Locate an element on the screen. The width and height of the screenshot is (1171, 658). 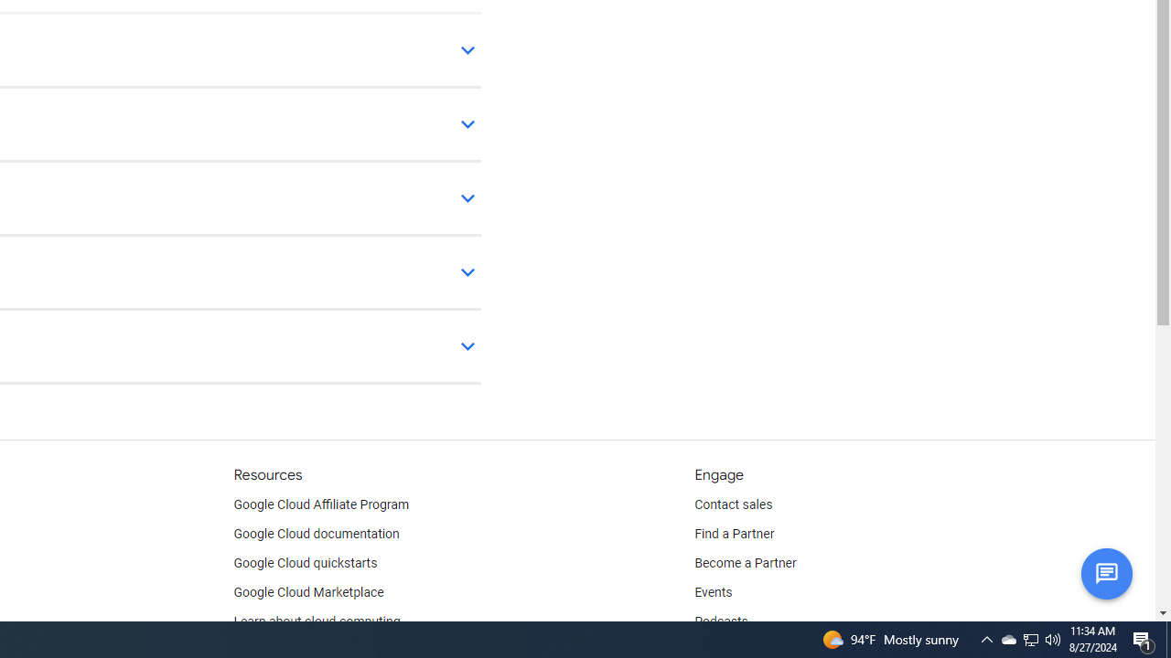
'Events' is located at coordinates (713, 593).